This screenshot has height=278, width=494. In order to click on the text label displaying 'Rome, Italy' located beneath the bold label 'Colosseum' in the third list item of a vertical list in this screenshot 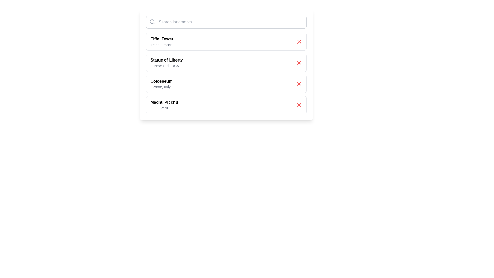, I will do `click(161, 87)`.